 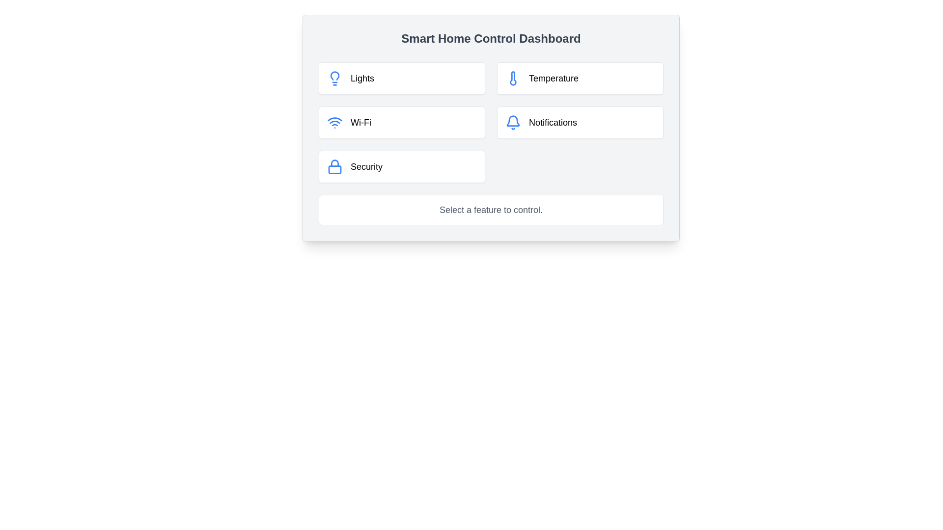 I want to click on the Wi-Fi icon located on the left side of the Wi-Fi card in the dashboard, adjacent to the 'Wi-Fi' text label, so click(x=334, y=122).